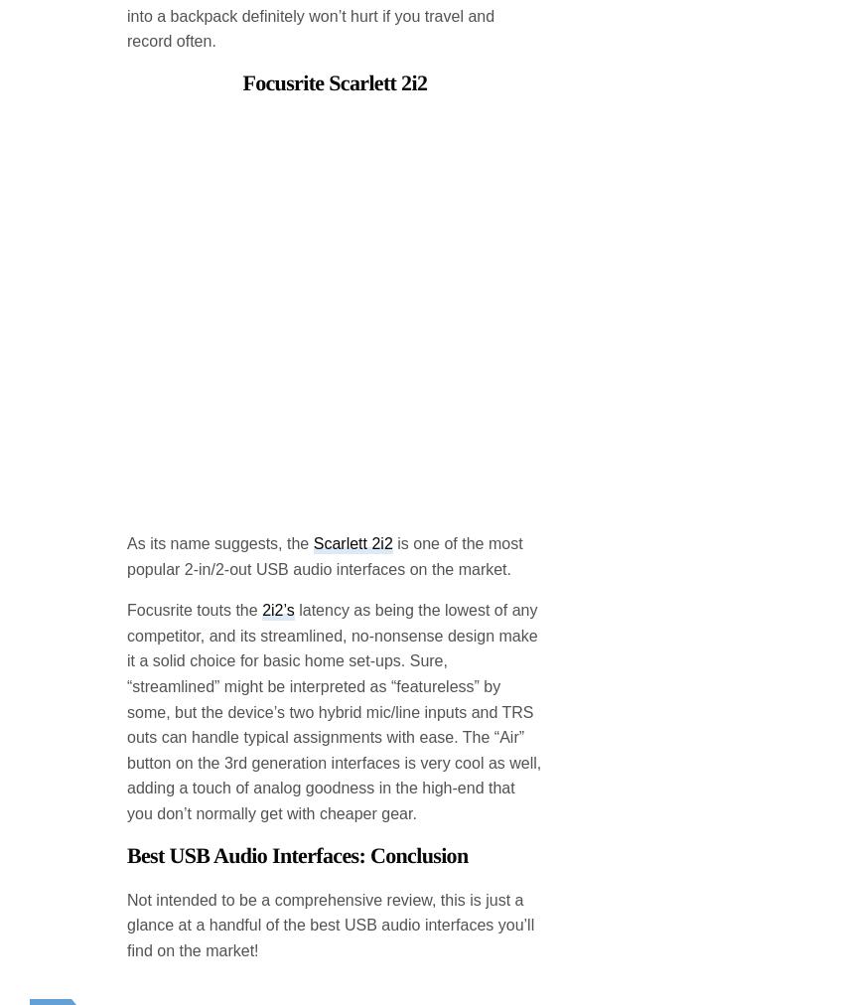 This screenshot has width=844, height=1005. I want to click on 'Scarlett 2i2', so click(313, 382).